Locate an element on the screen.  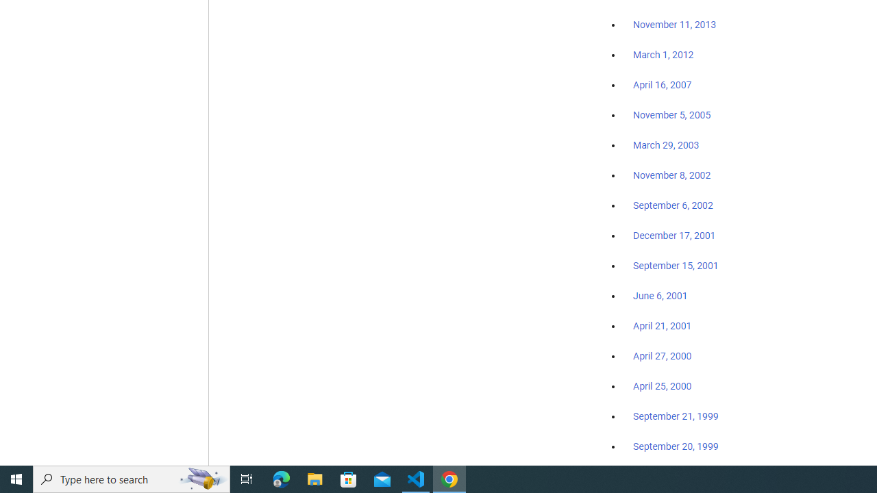
'September 21, 1999' is located at coordinates (676, 416).